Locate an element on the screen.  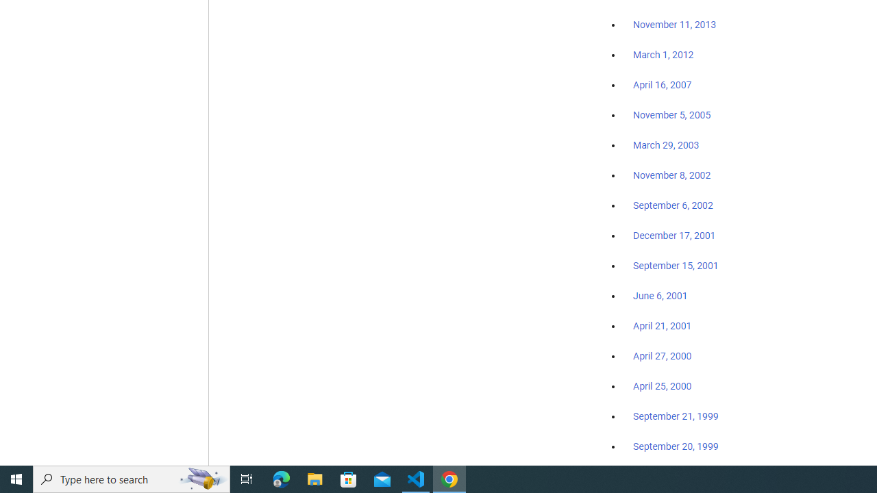
'September 21, 1999' is located at coordinates (676, 416).